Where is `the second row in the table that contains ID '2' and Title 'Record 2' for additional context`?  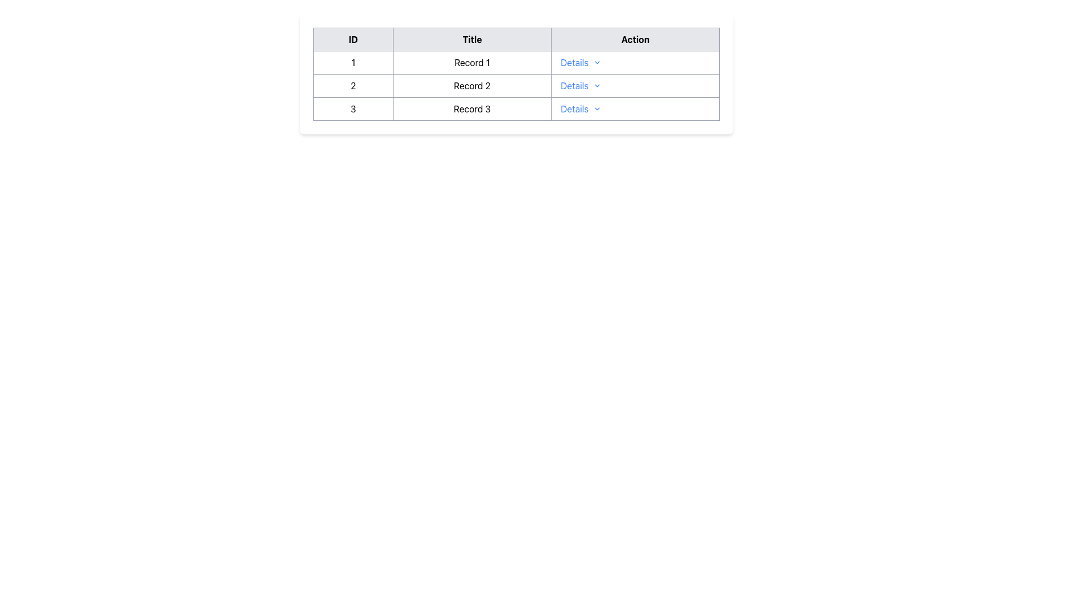 the second row in the table that contains ID '2' and Title 'Record 2' for additional context is located at coordinates (516, 85).